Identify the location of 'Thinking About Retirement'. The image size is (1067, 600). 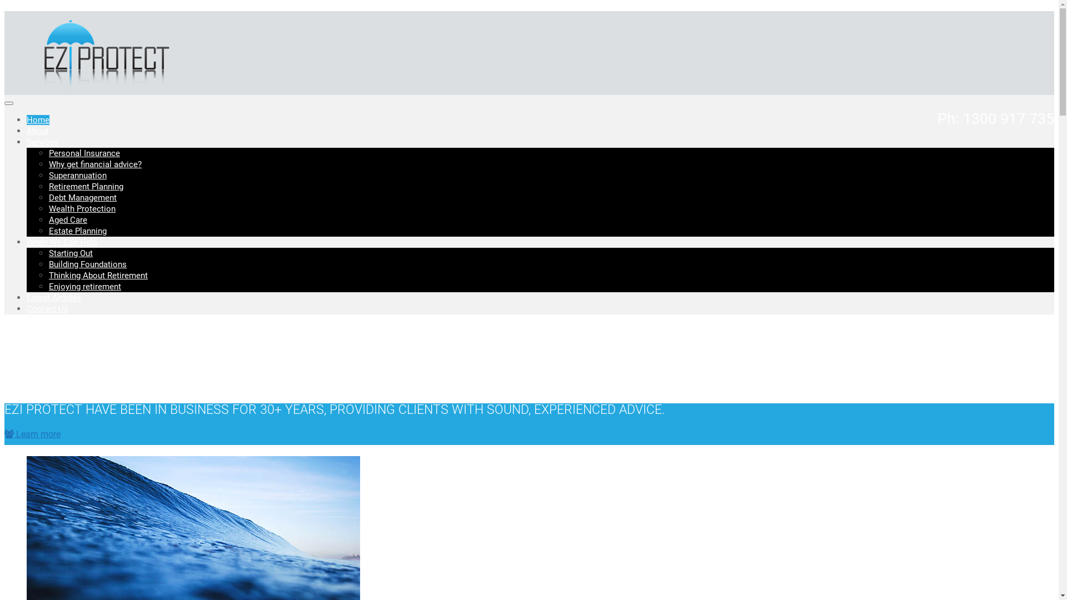
(98, 275).